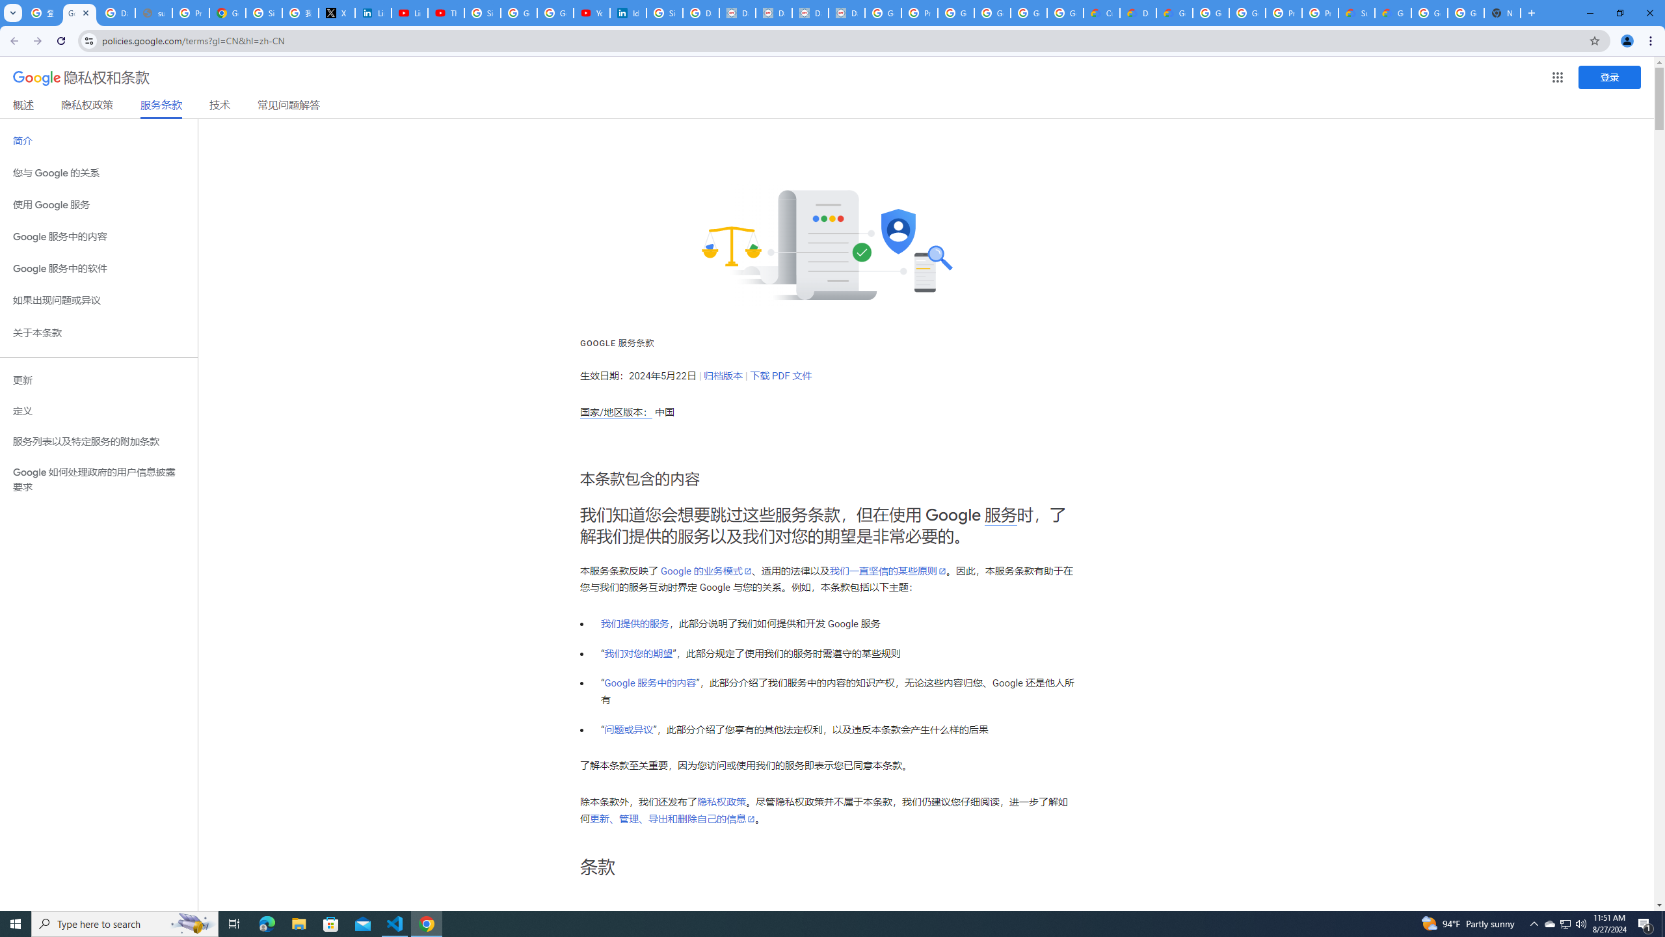 This screenshot has height=937, width=1665. I want to click on 'New Tab', so click(1502, 12).